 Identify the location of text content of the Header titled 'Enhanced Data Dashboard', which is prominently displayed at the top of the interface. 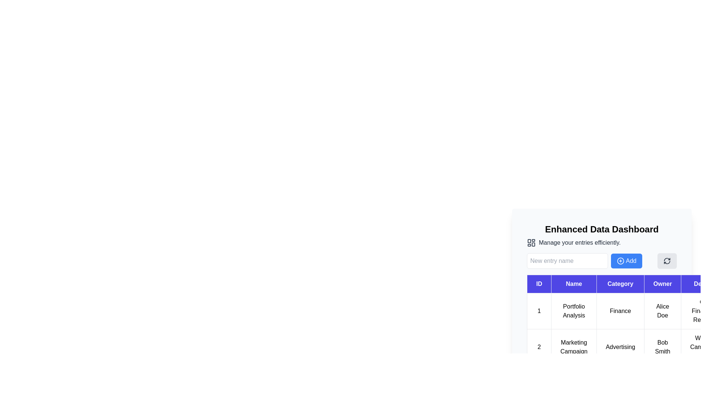
(602, 229).